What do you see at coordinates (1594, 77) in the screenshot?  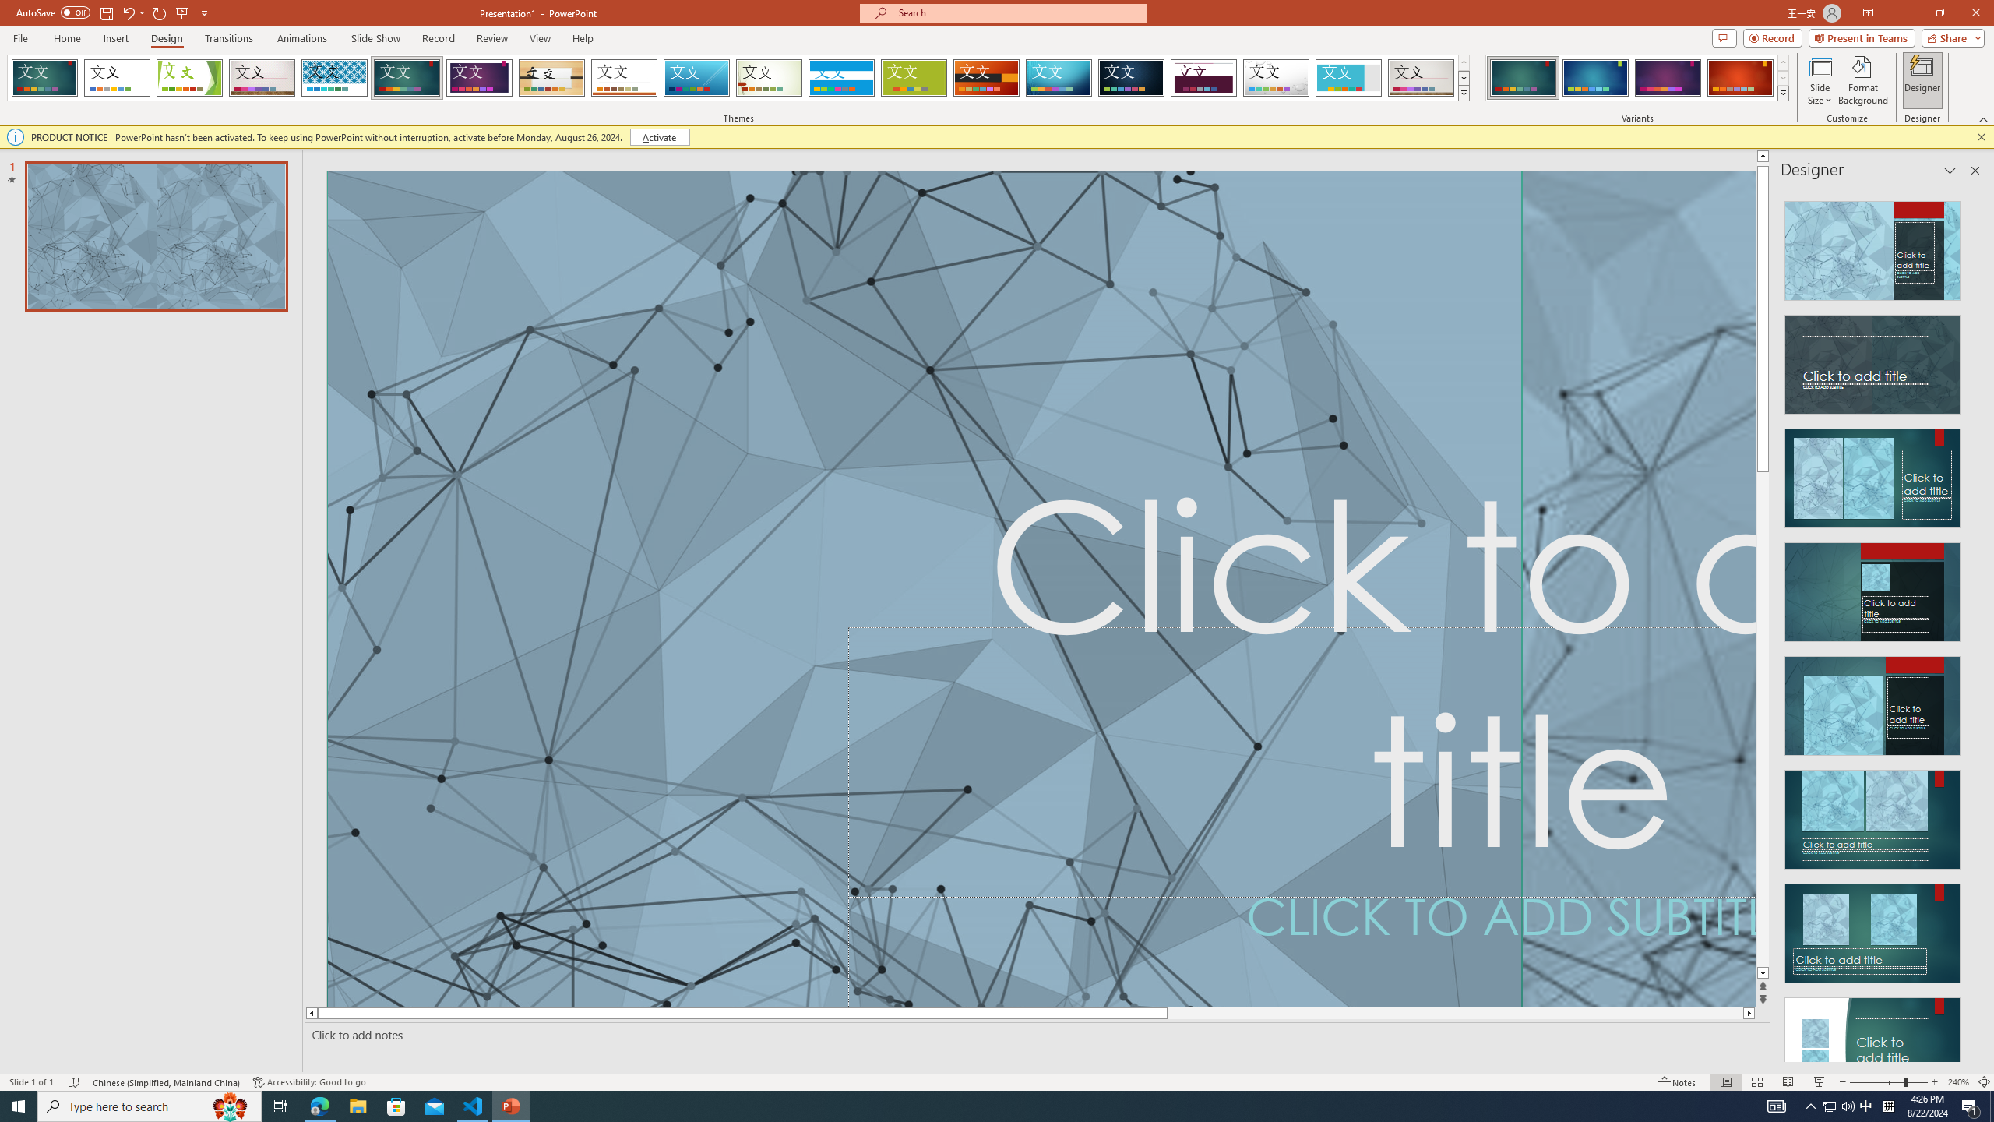 I see `'Ion Variant 2'` at bounding box center [1594, 77].